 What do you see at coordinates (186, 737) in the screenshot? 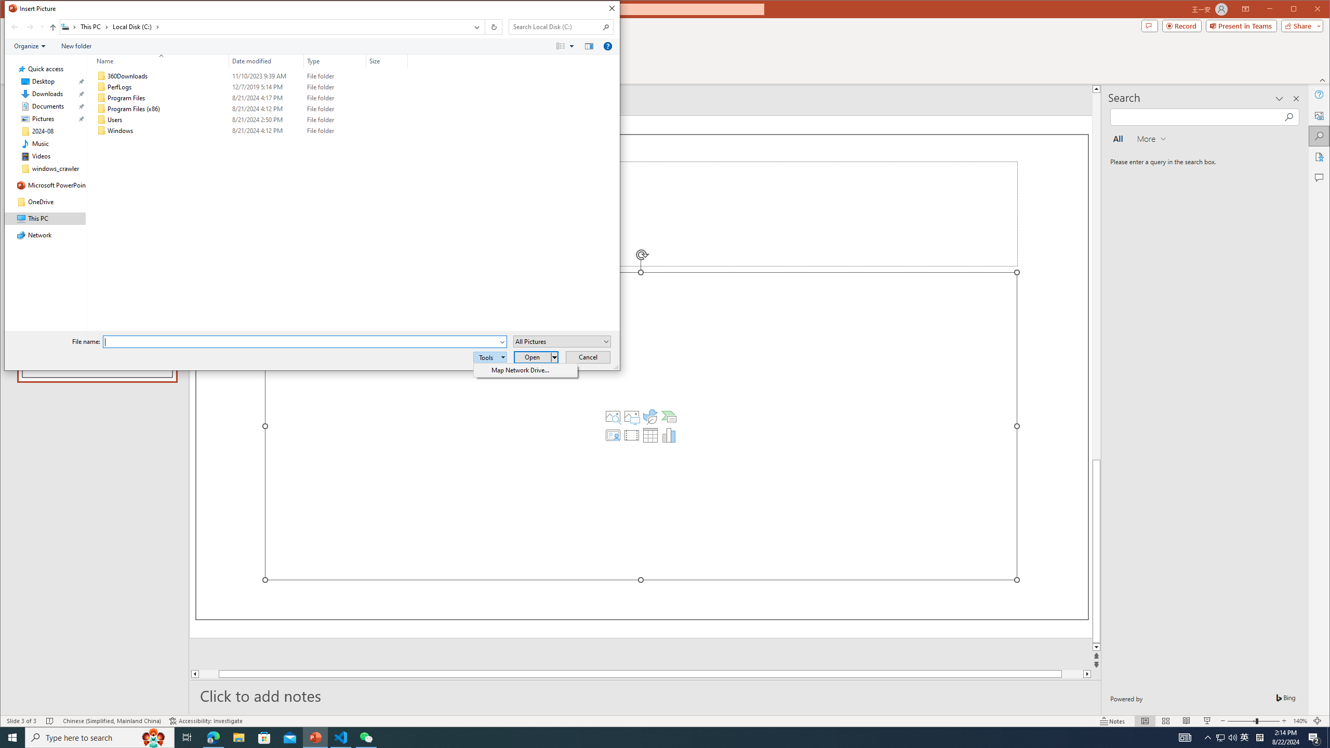
I see `'Task View'` at bounding box center [186, 737].